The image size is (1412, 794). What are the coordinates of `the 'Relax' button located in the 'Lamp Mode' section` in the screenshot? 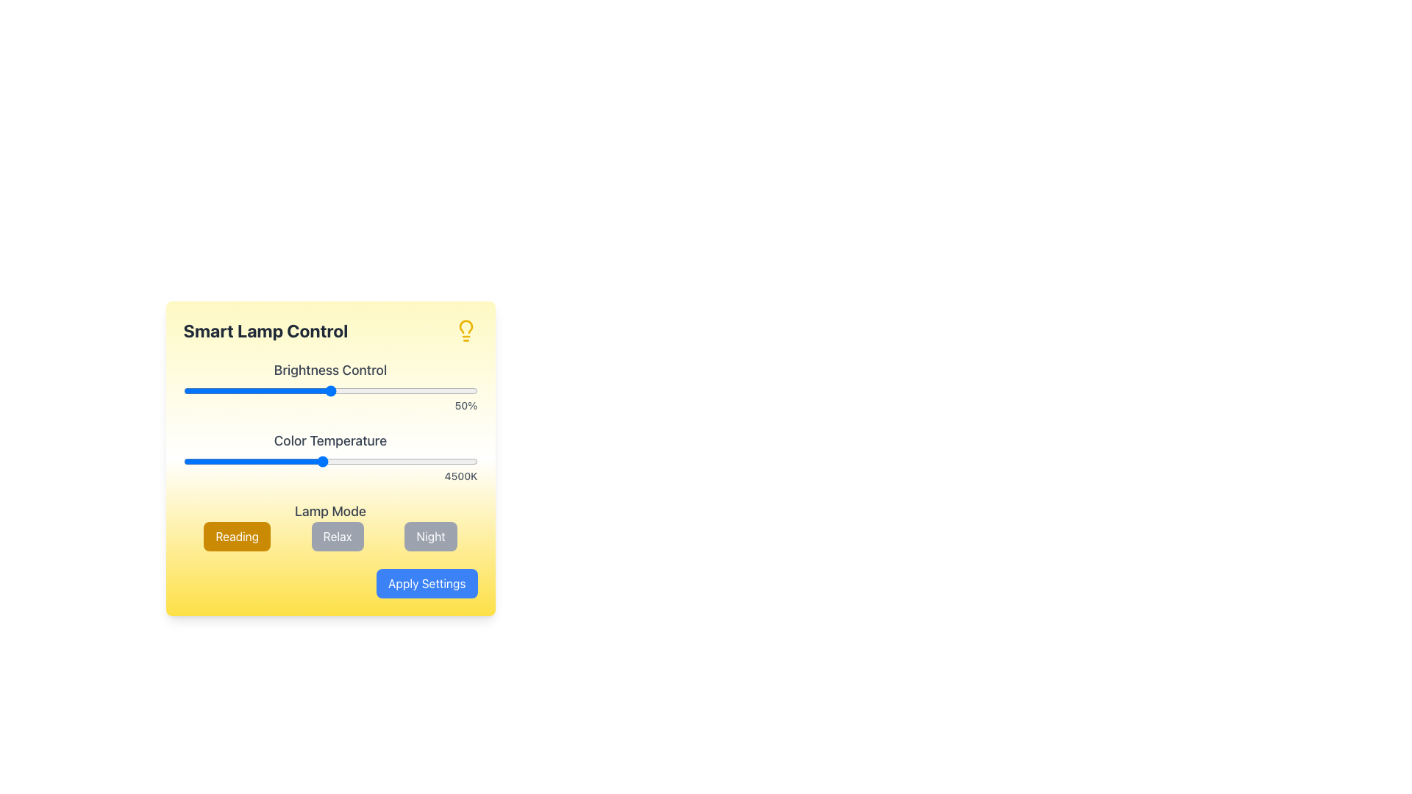 It's located at (329, 536).